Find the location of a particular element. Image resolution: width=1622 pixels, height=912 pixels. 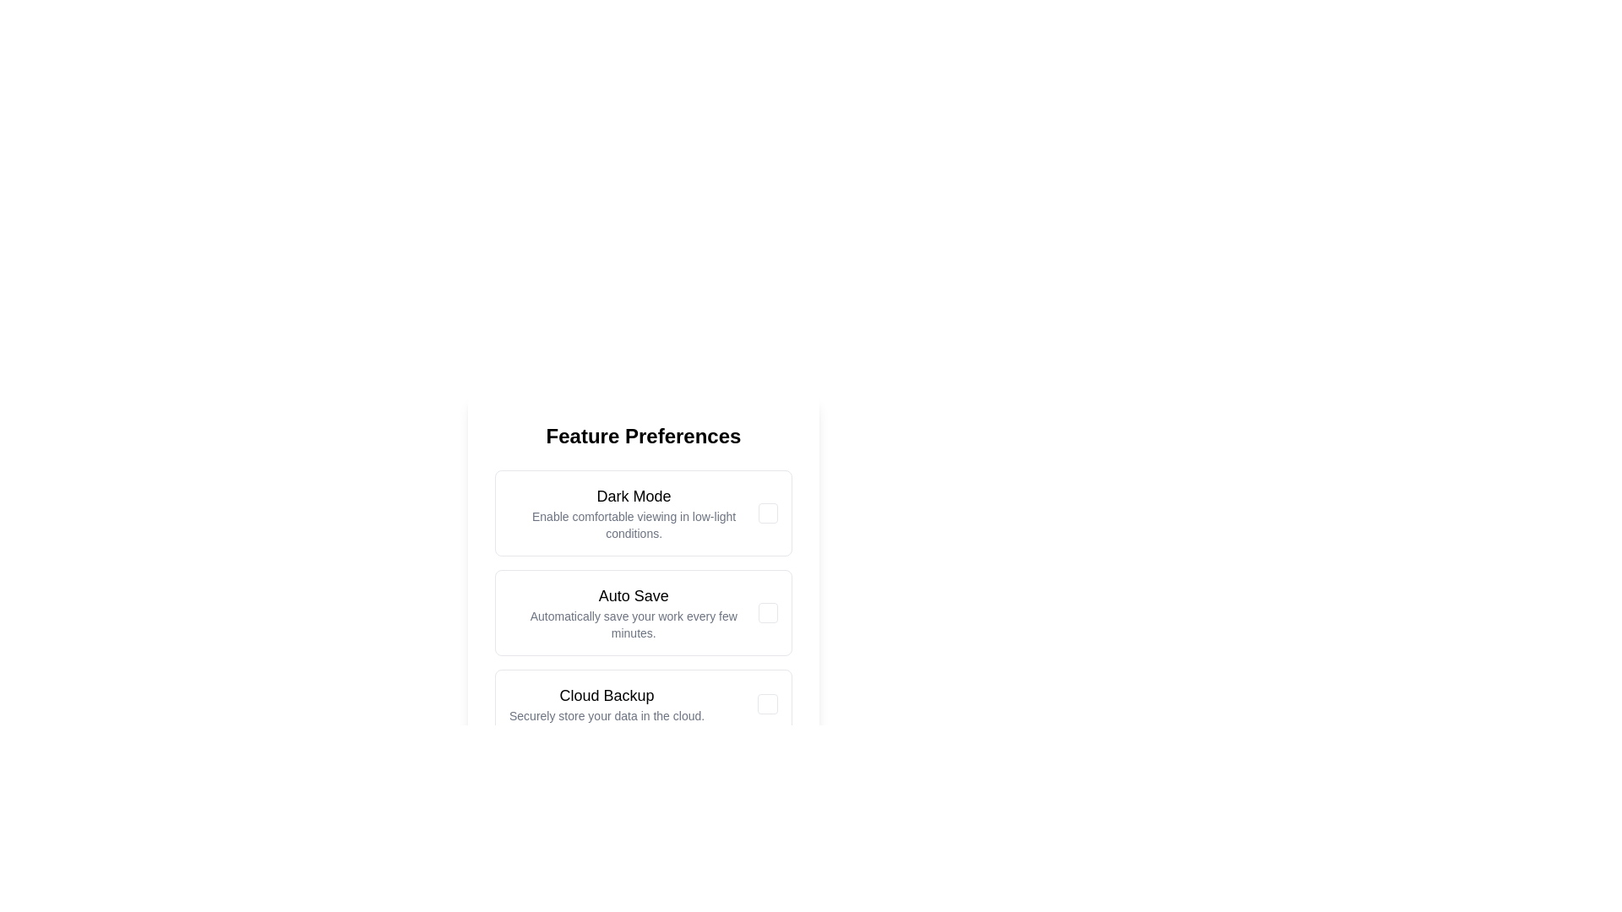

the feature card labeled Dark Mode is located at coordinates (633, 513).